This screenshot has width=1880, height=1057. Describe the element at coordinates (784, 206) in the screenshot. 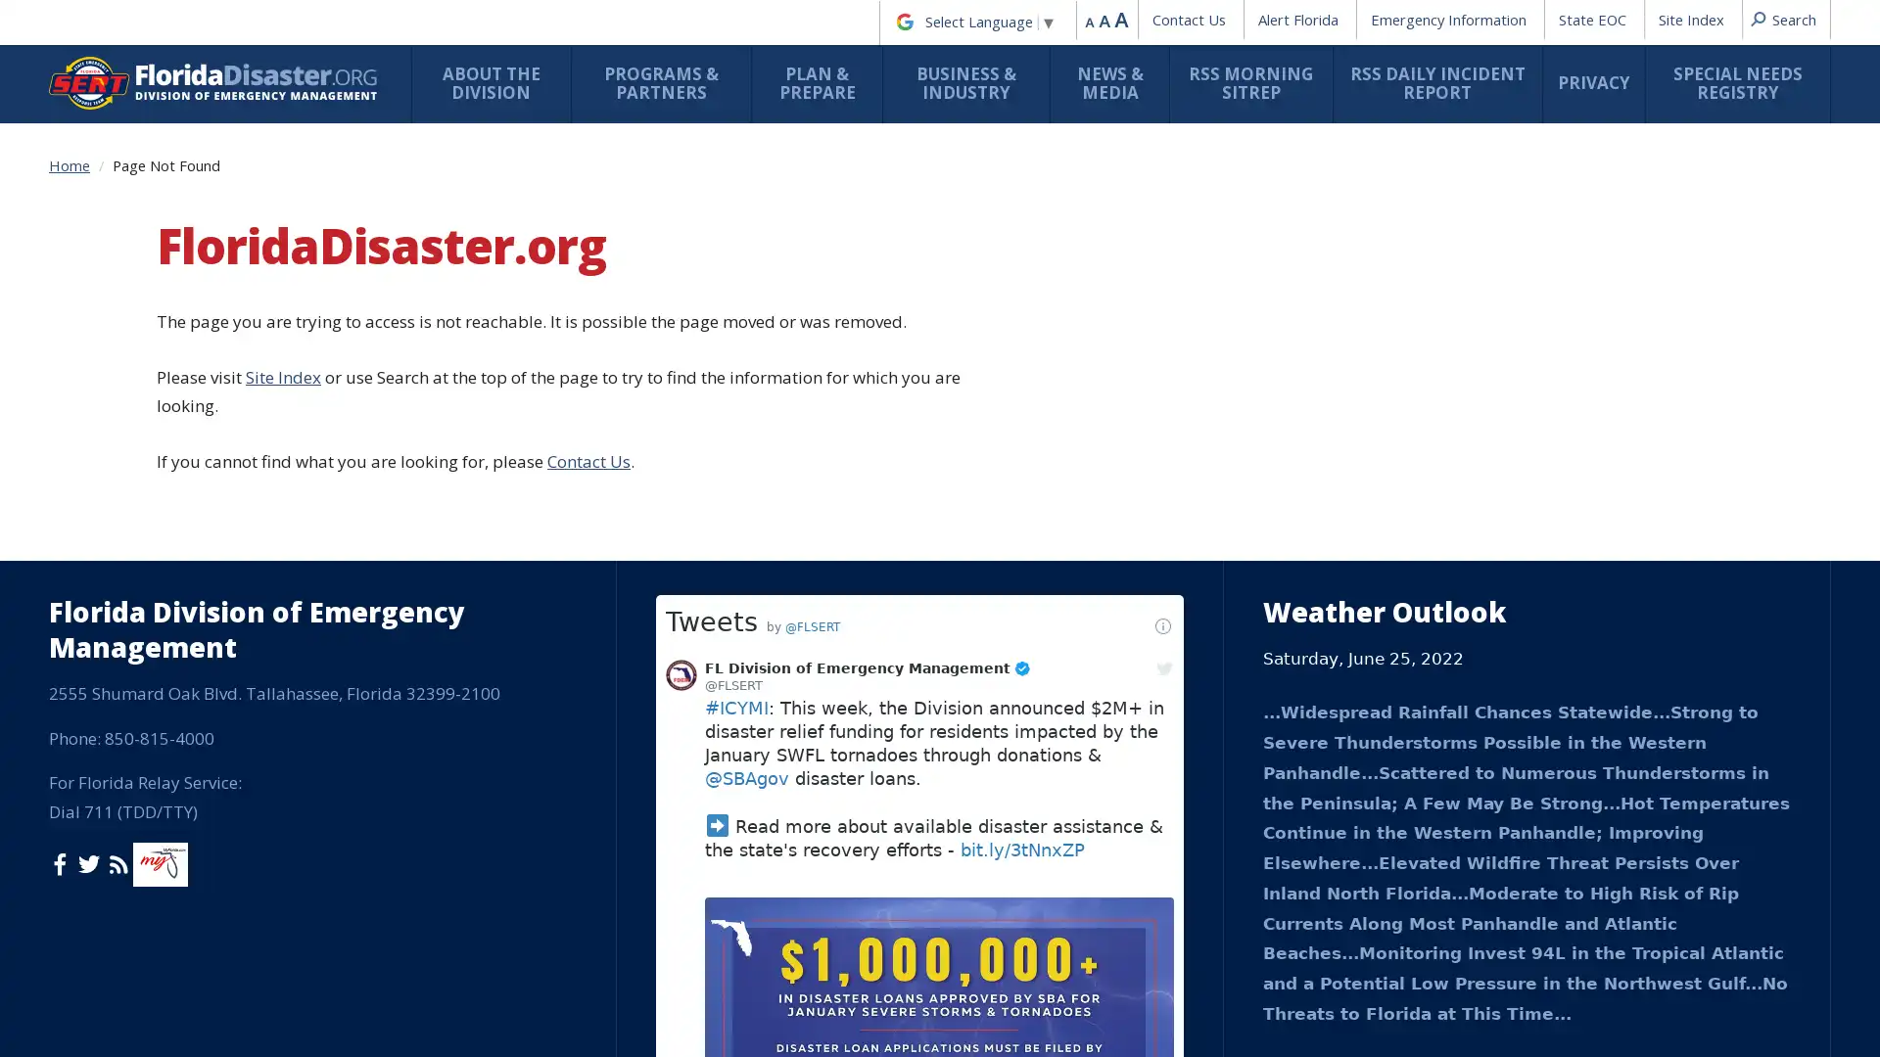

I see `Toggle More` at that location.